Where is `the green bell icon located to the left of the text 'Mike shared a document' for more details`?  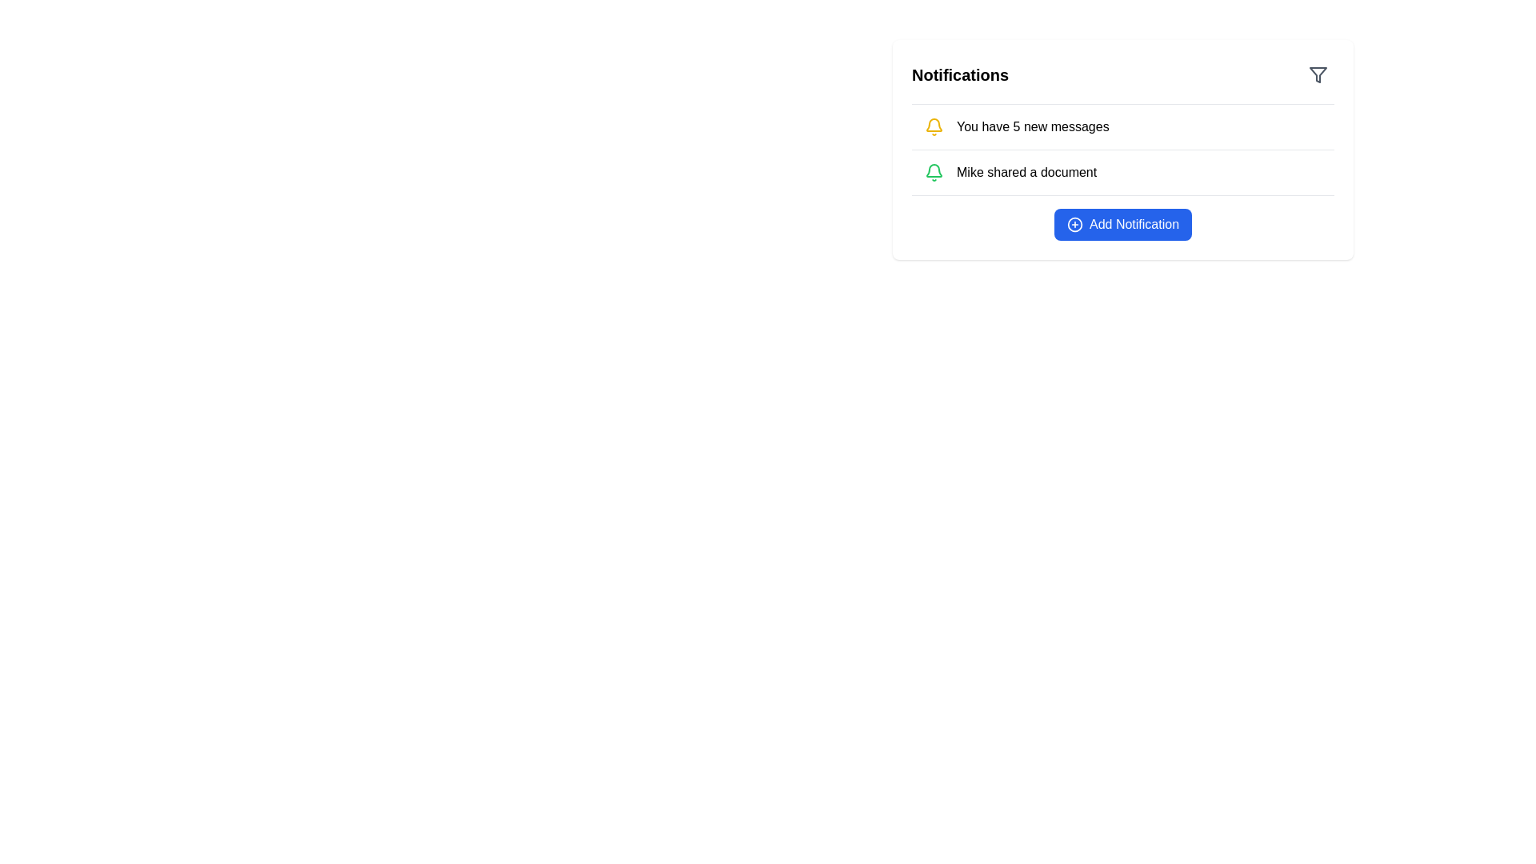 the green bell icon located to the left of the text 'Mike shared a document' for more details is located at coordinates (934, 173).